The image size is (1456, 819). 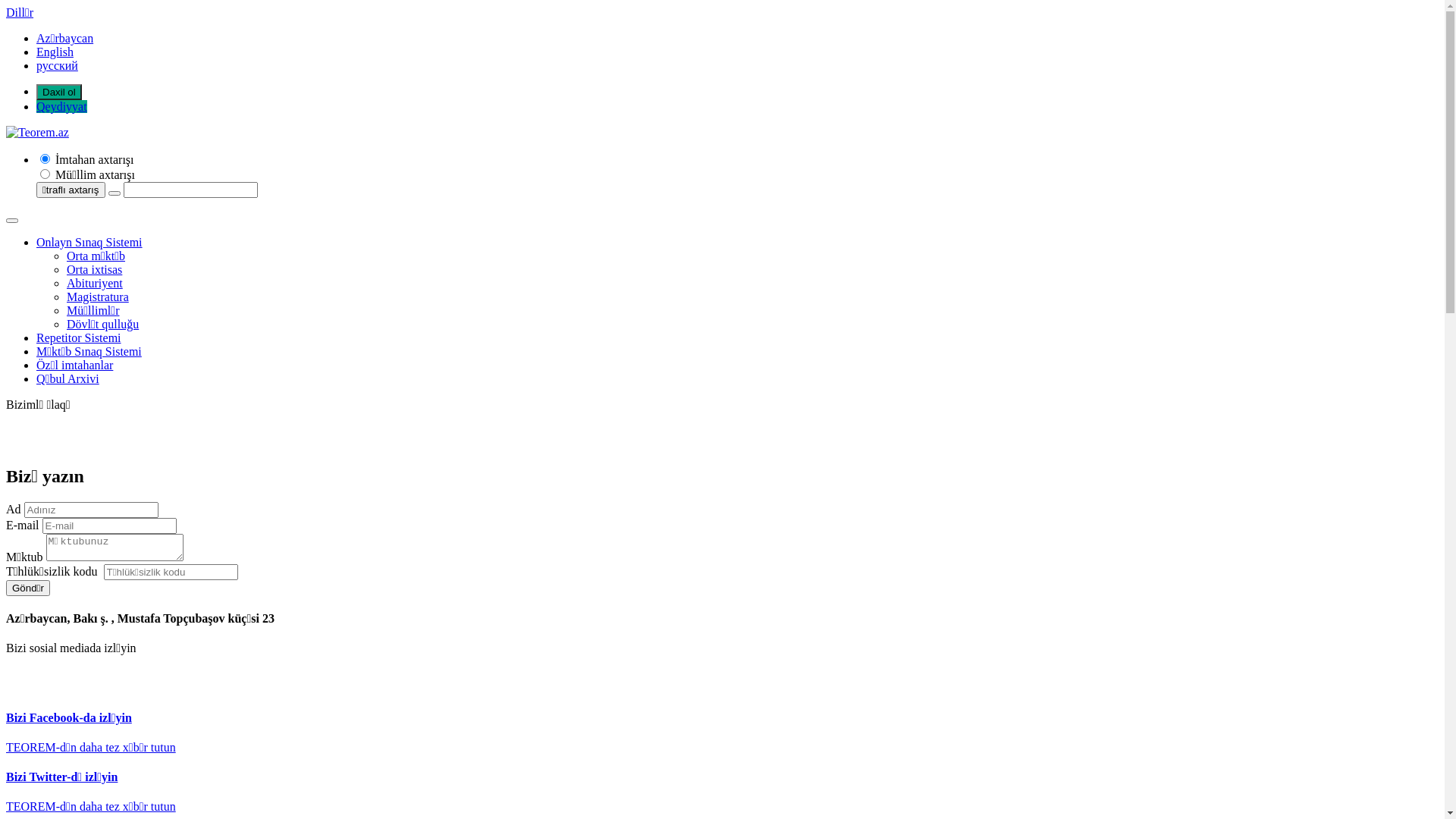 What do you see at coordinates (93, 283) in the screenshot?
I see `'Abituriyent'` at bounding box center [93, 283].